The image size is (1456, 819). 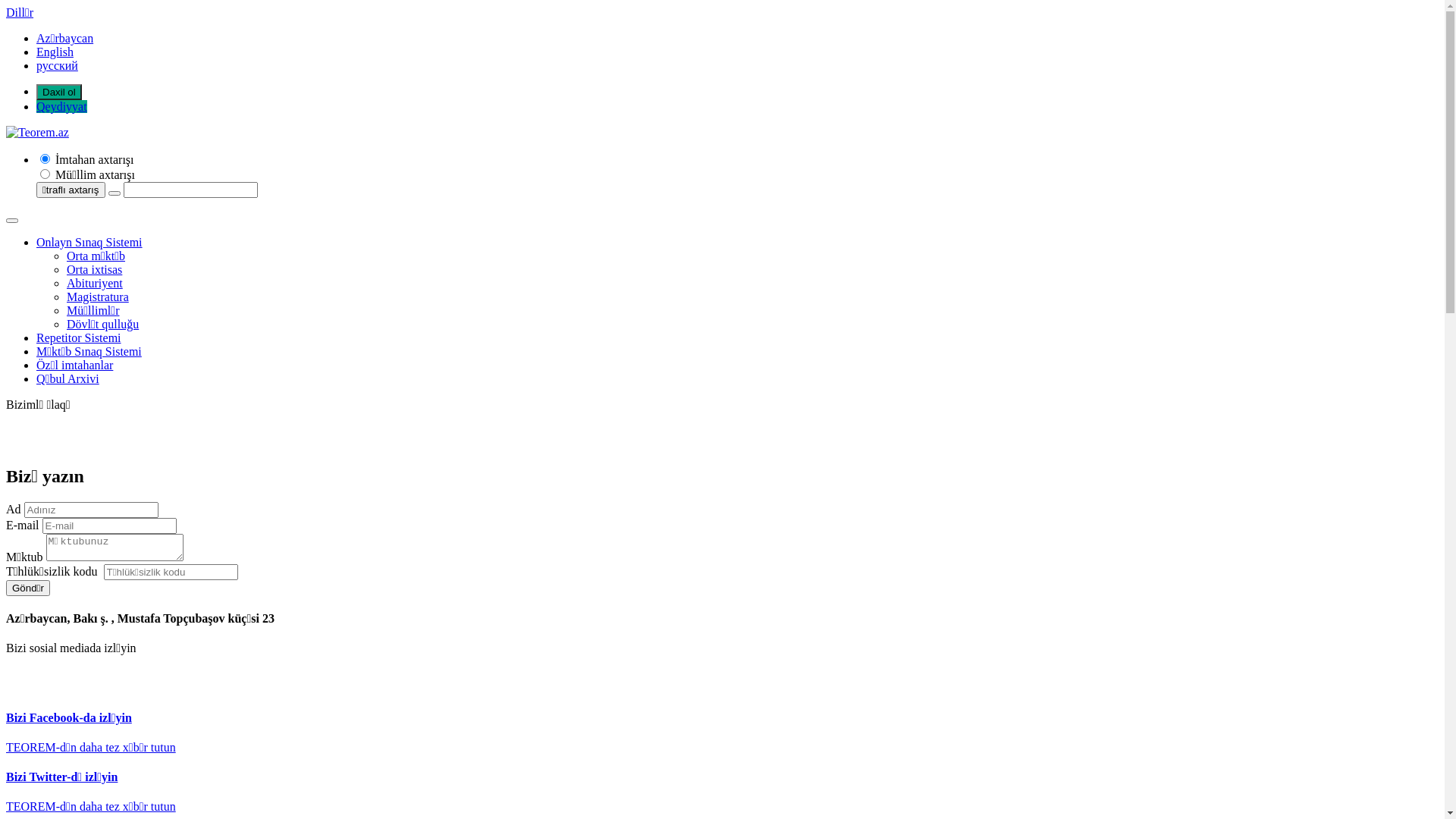 What do you see at coordinates (93, 283) in the screenshot?
I see `'Abituriyent'` at bounding box center [93, 283].